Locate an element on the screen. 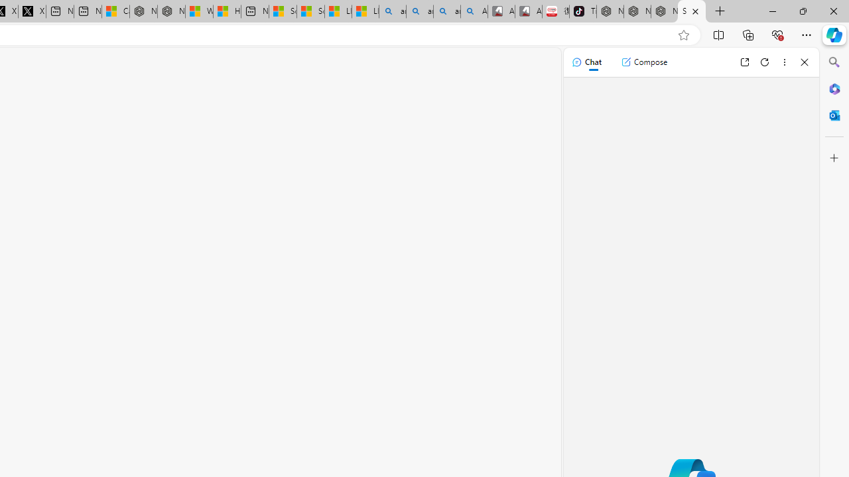 This screenshot has width=849, height=477. 'Compose' is located at coordinates (644, 62).